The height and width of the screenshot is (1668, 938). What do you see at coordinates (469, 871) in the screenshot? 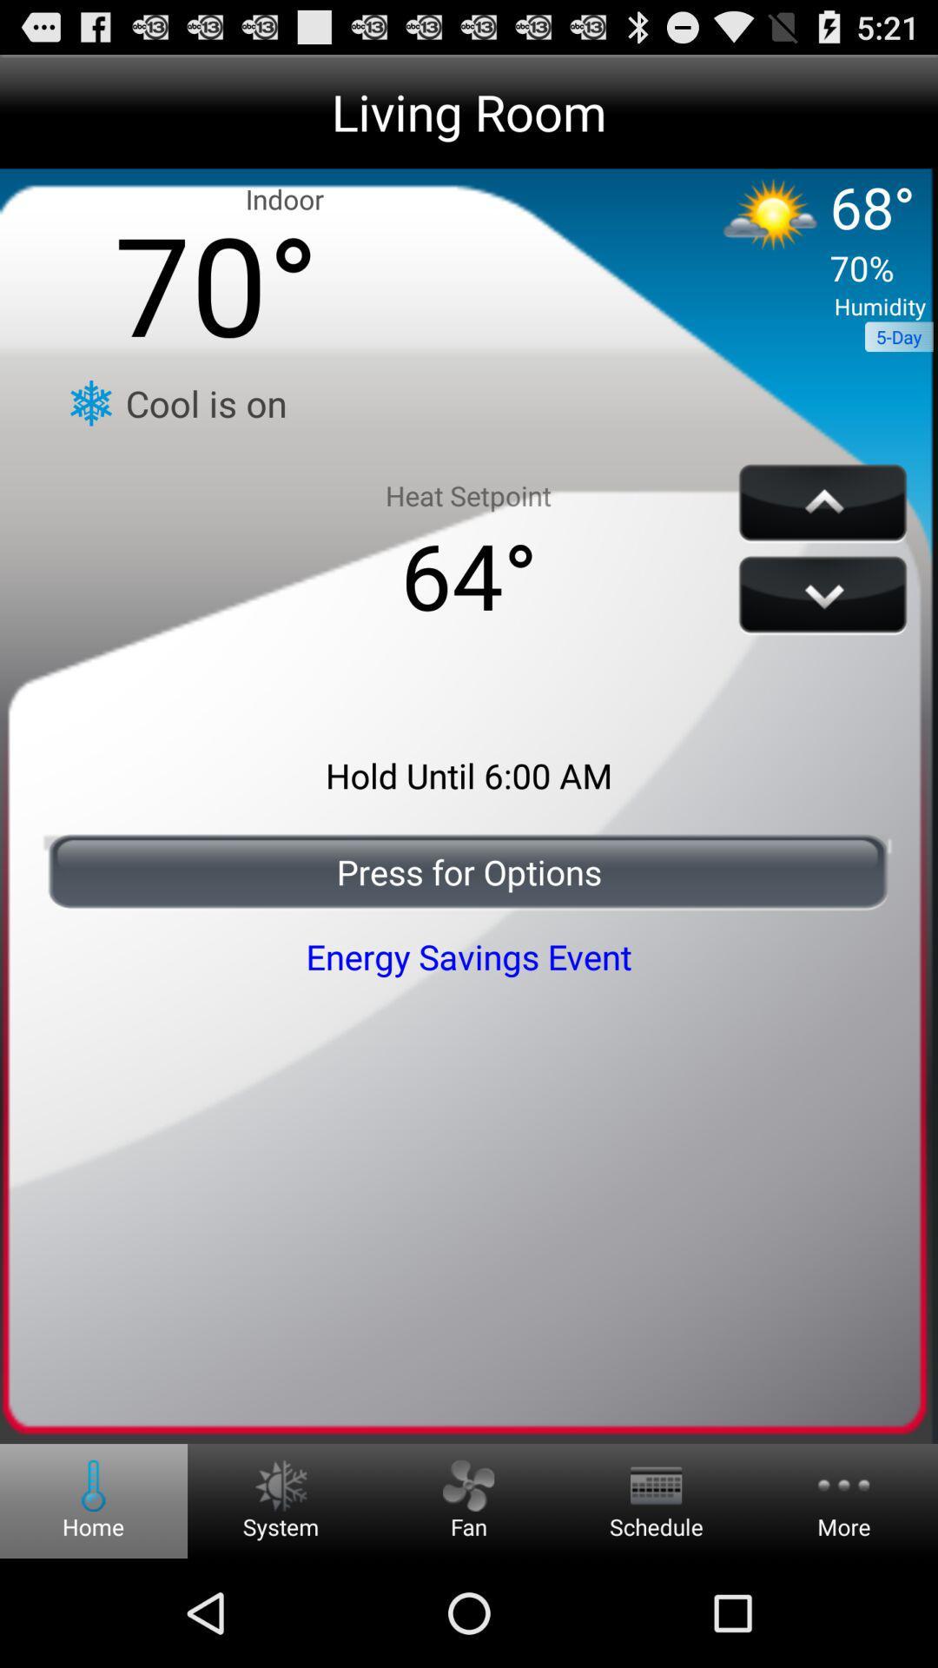
I see `the item below the hold until 6 item` at bounding box center [469, 871].